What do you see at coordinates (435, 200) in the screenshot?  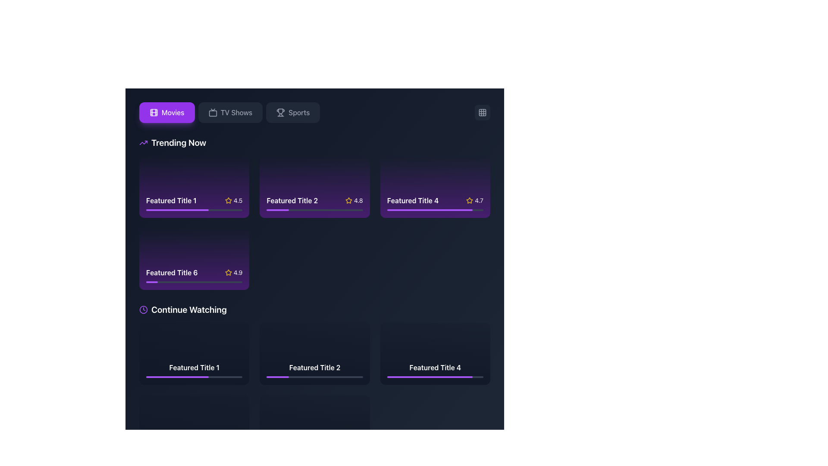 I see `the highlighted content title in the third position of the 'Trending Now' section` at bounding box center [435, 200].